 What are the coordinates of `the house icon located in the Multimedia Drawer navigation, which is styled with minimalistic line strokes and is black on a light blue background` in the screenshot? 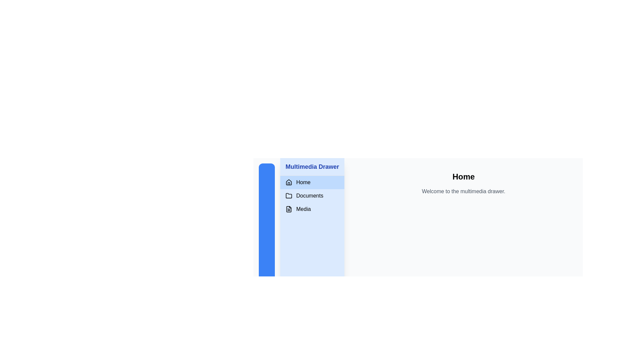 It's located at (289, 183).